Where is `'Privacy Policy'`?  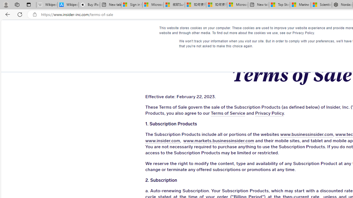 'Privacy Policy' is located at coordinates (269, 113).